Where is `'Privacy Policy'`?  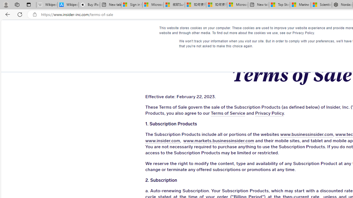 'Privacy Policy' is located at coordinates (269, 113).